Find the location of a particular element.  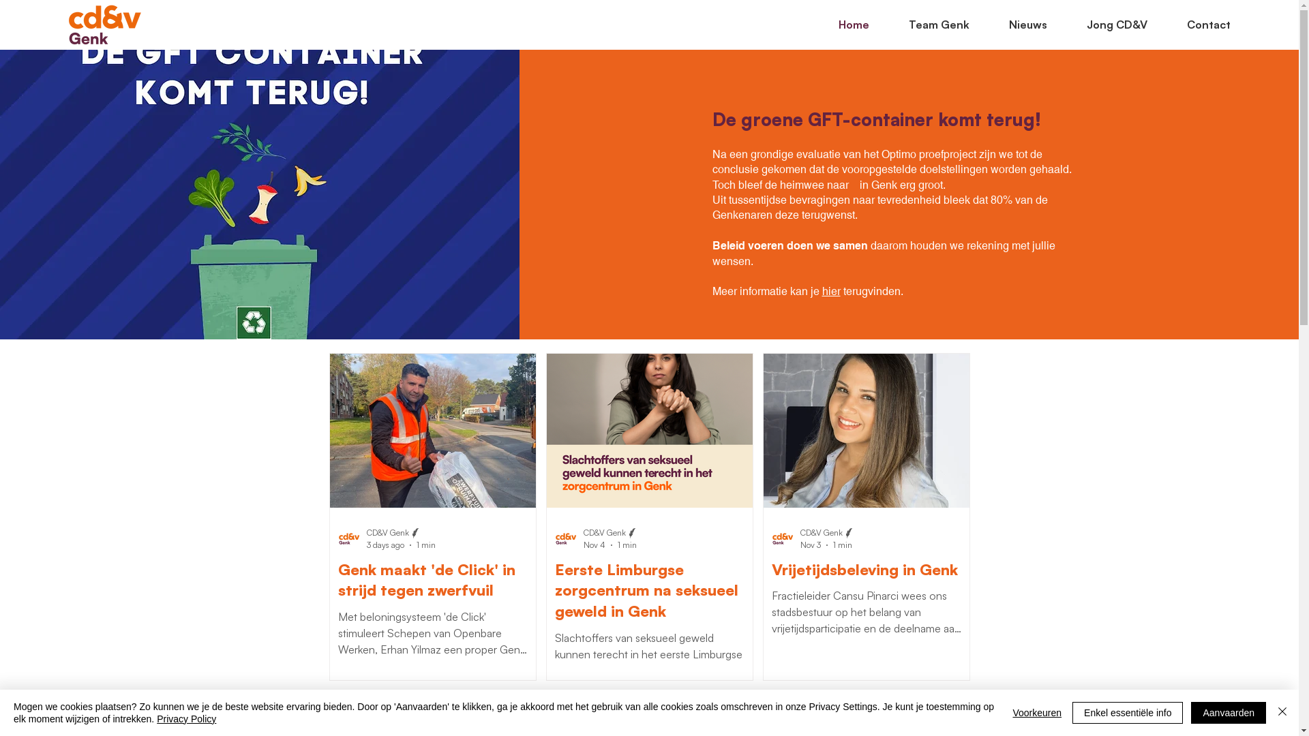

'Eerste Limburgse zorgcentrum na seksueel geweld in Genk' is located at coordinates (555, 590).